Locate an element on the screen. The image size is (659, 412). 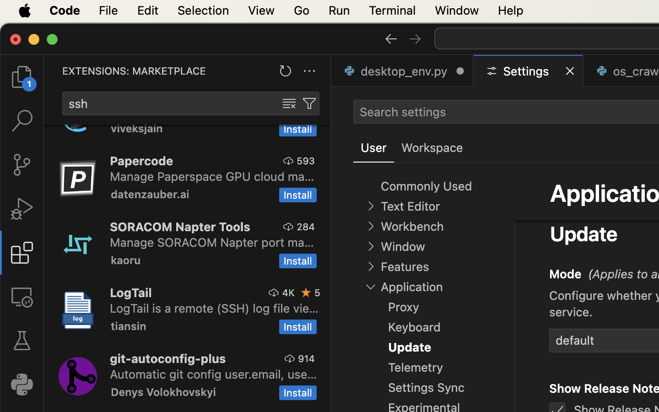
'Text Editor' is located at coordinates (410, 206).